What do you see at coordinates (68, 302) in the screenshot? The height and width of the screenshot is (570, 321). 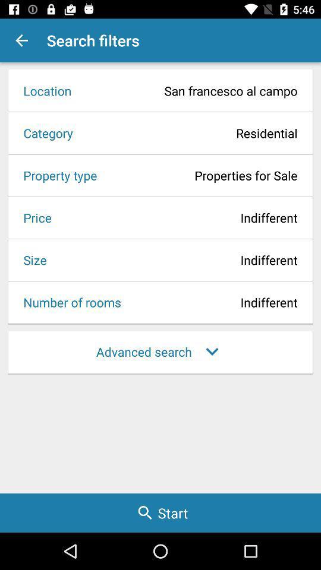 I see `the item below the size` at bounding box center [68, 302].